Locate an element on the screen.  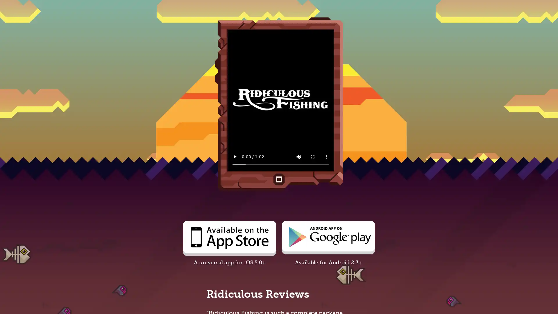
show more media controls is located at coordinates (326, 156).